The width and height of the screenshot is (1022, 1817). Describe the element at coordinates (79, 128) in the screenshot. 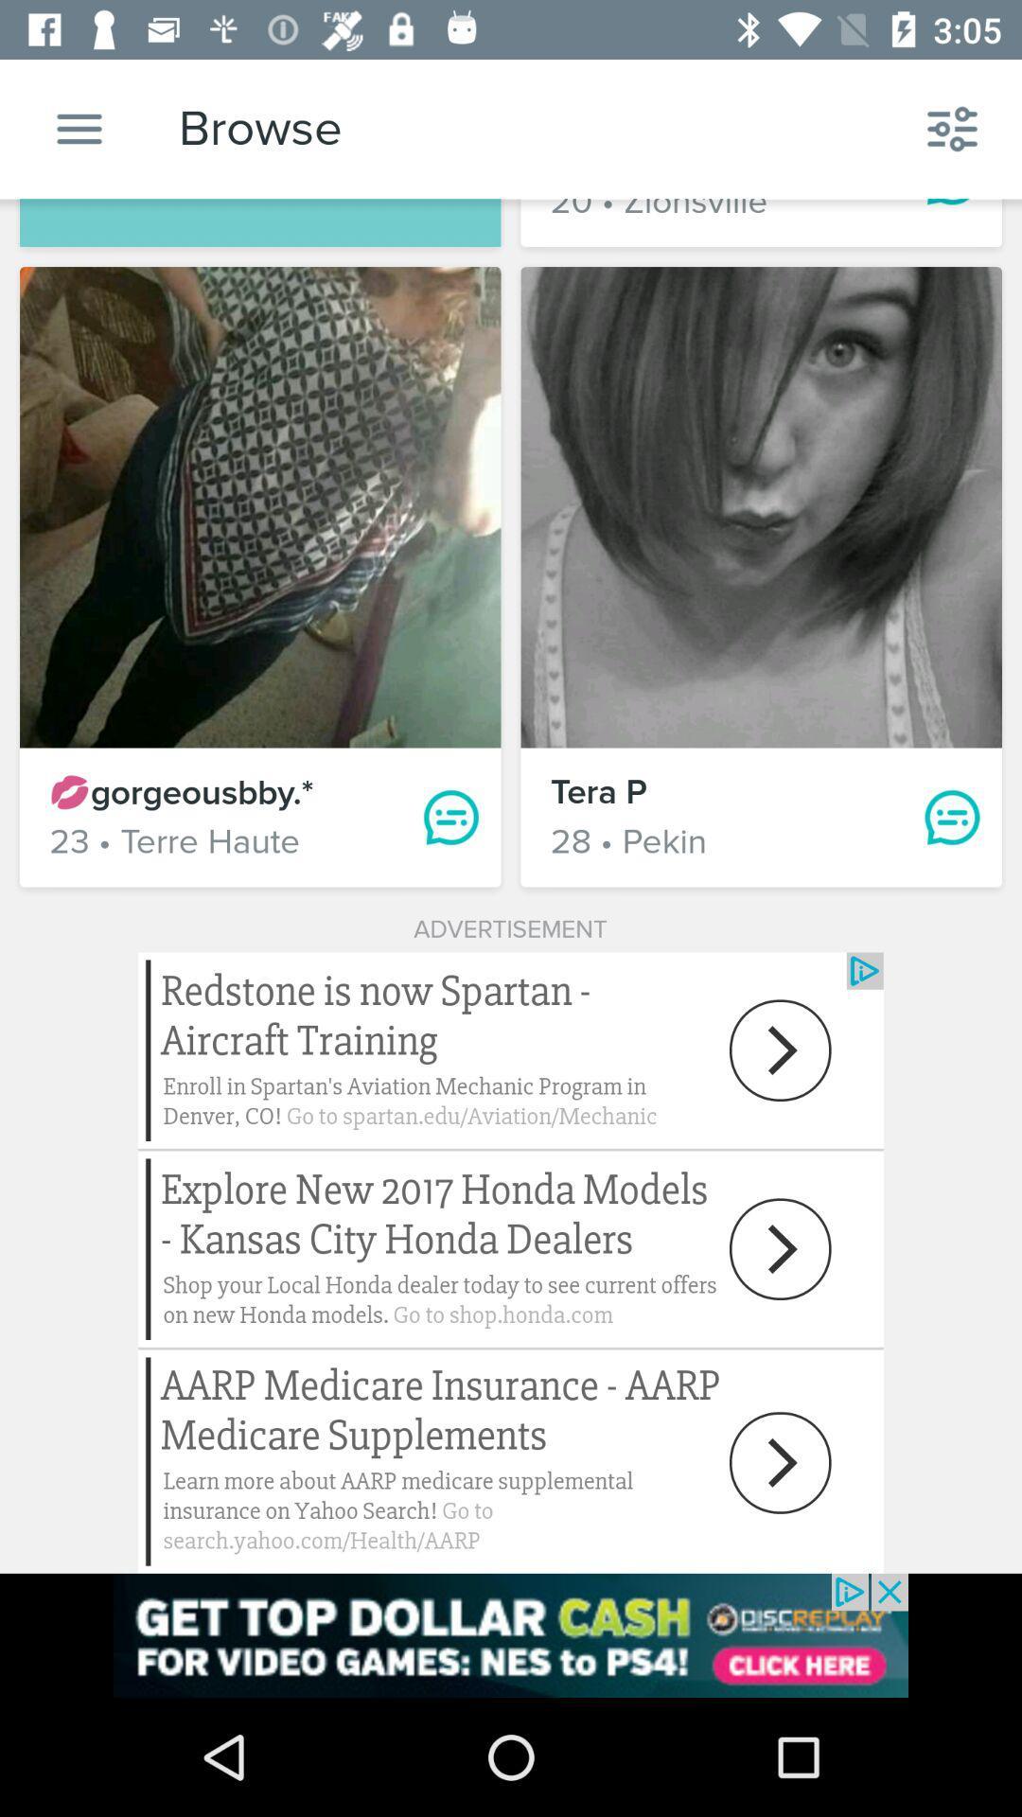

I see `search` at that location.